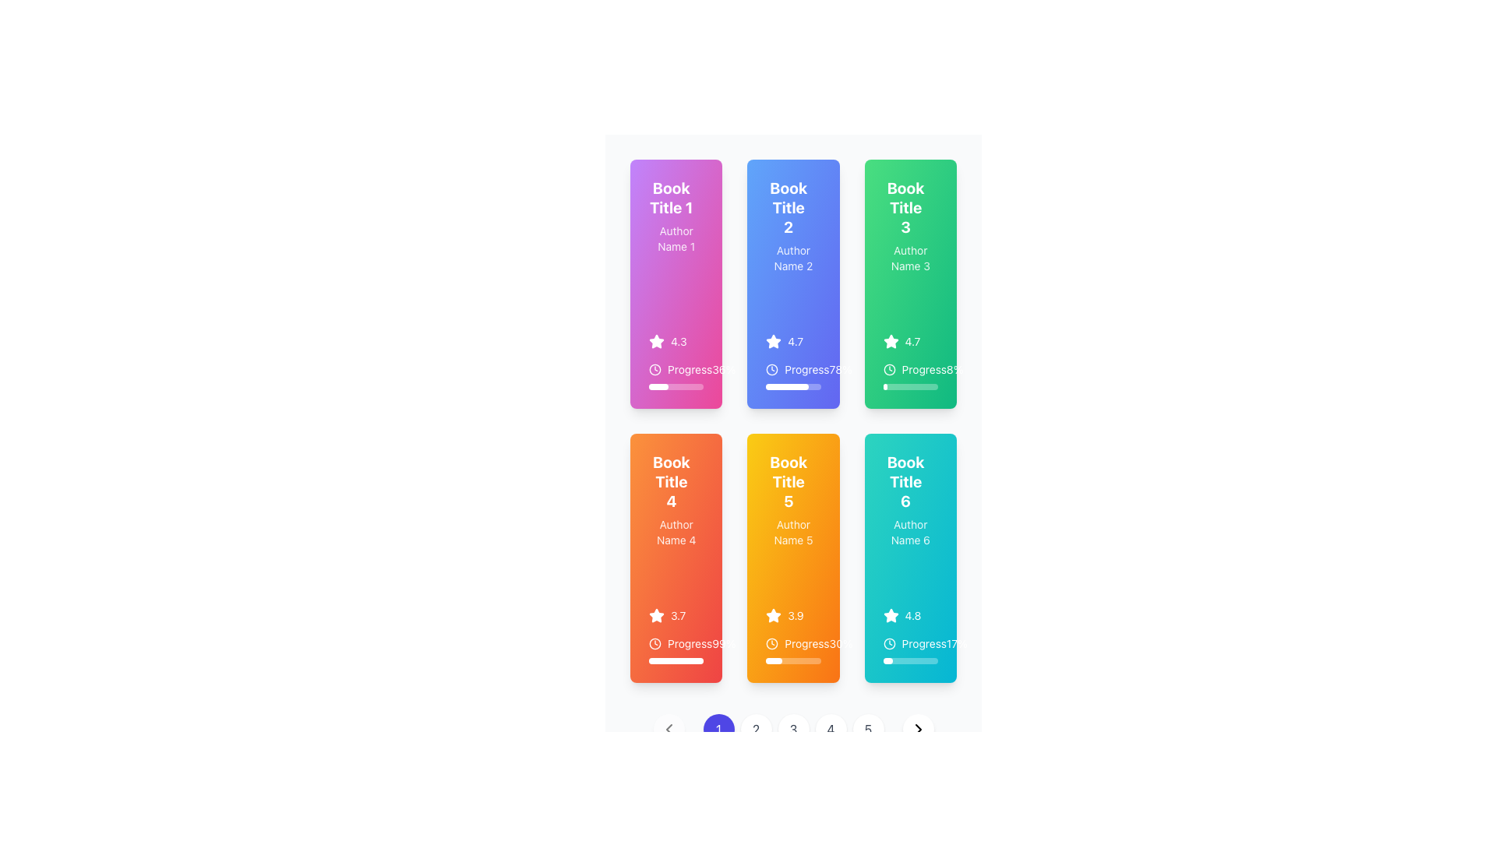  What do you see at coordinates (676, 649) in the screenshot?
I see `displayed progress value from the Progress Indicator element labeled 'Progress' showing '99%' within the 'Book Title 4' card` at bounding box center [676, 649].